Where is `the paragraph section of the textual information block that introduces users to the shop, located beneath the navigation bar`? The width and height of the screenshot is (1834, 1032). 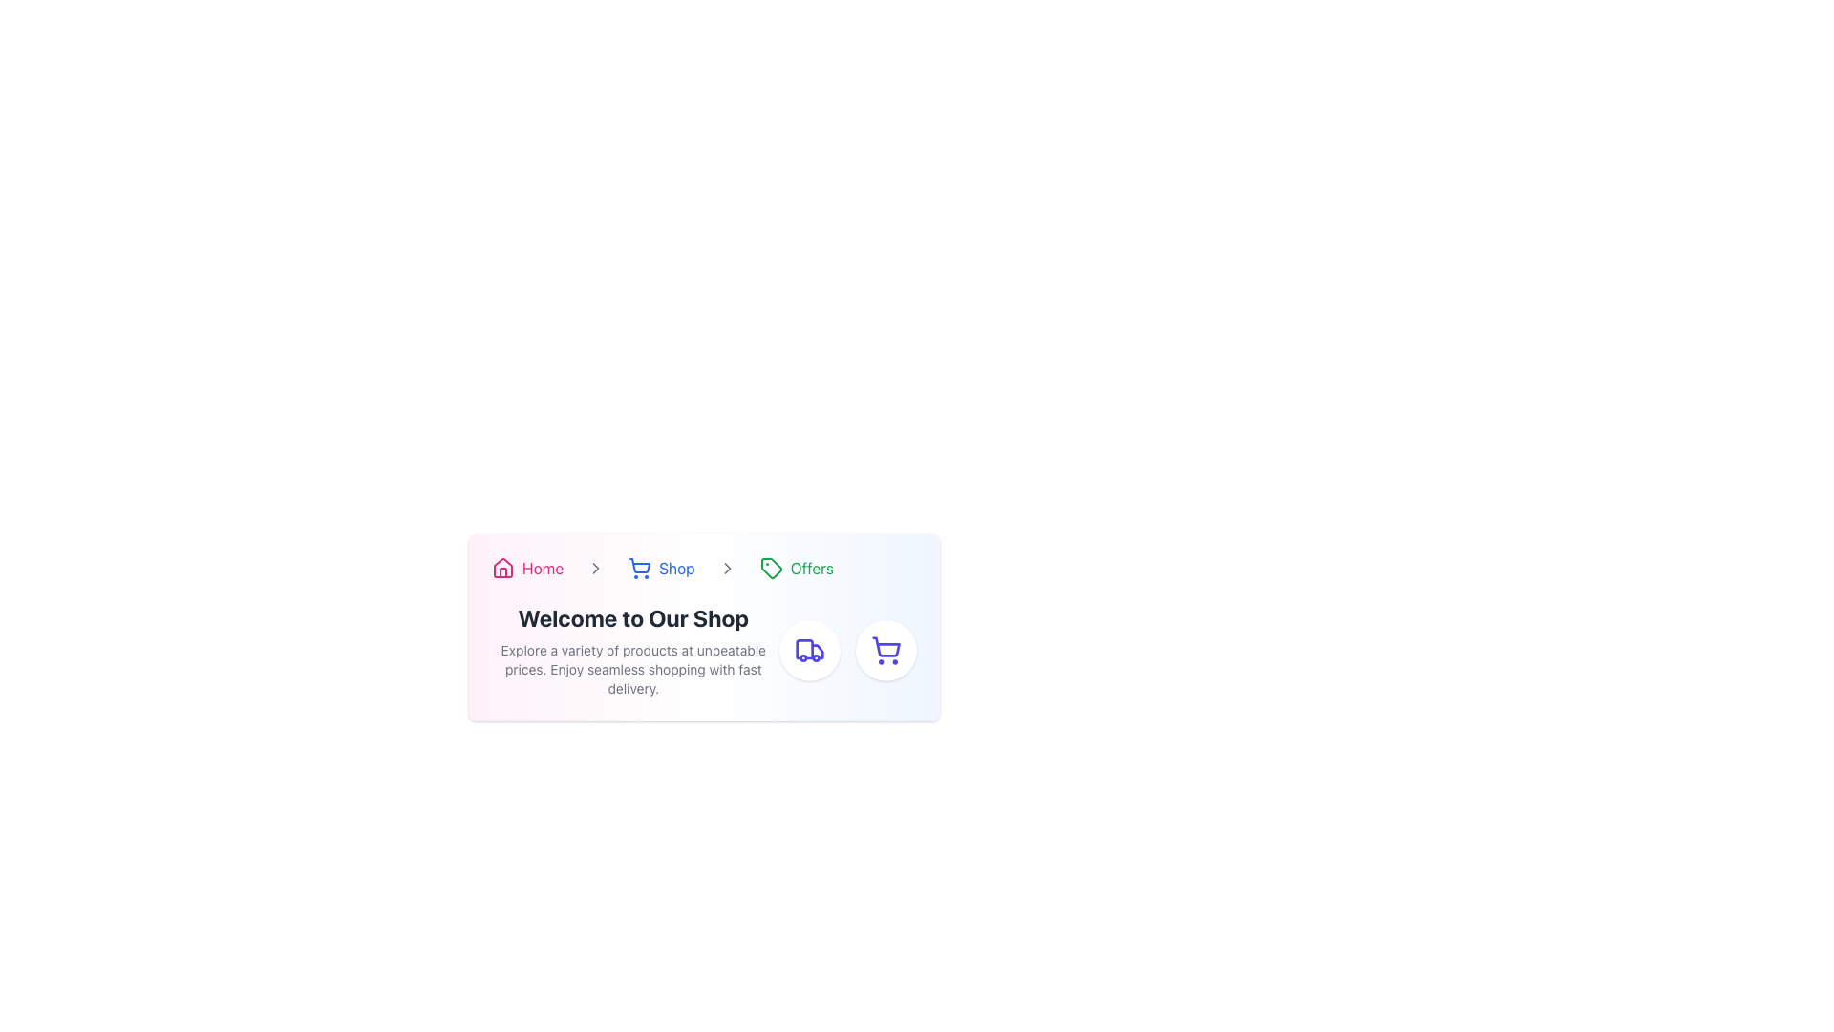 the paragraph section of the textual information block that introduces users to the shop, located beneath the navigation bar is located at coordinates (703, 650).